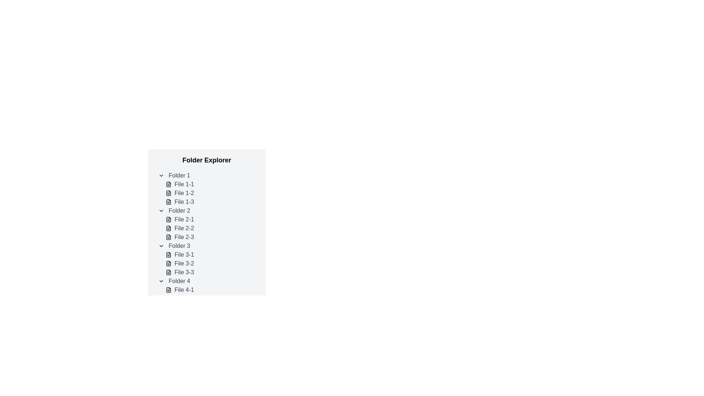 The image size is (704, 396). What do you see at coordinates (179, 210) in the screenshot?
I see `the text label displaying 'Folder 2', which is styled in gray and is the second folder listed in the file explorer interface` at bounding box center [179, 210].